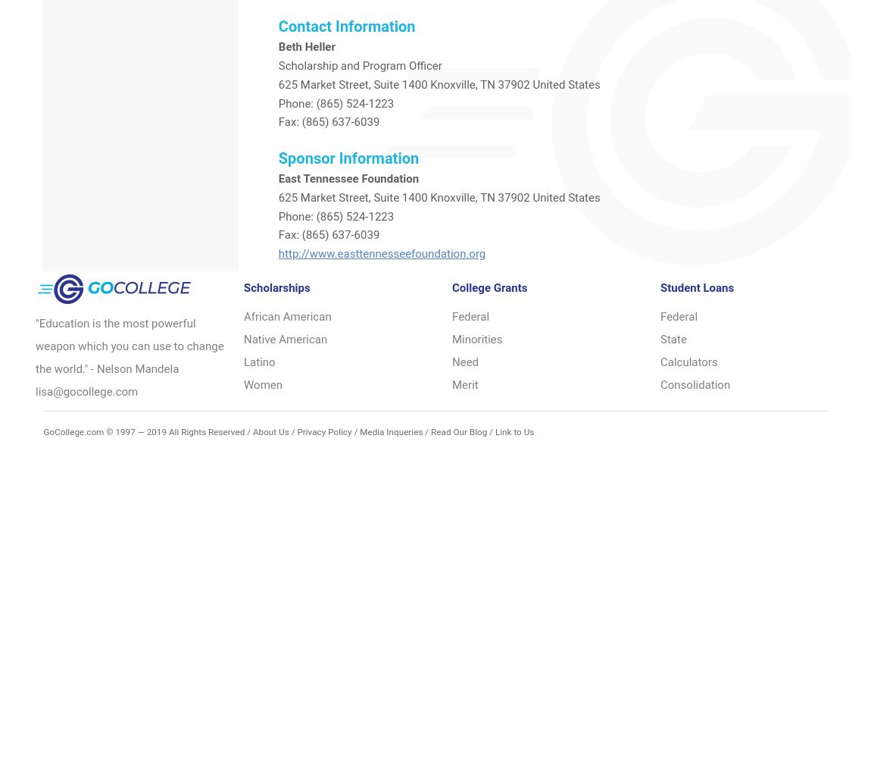 The width and height of the screenshot is (871, 758). I want to click on 'State', so click(673, 338).